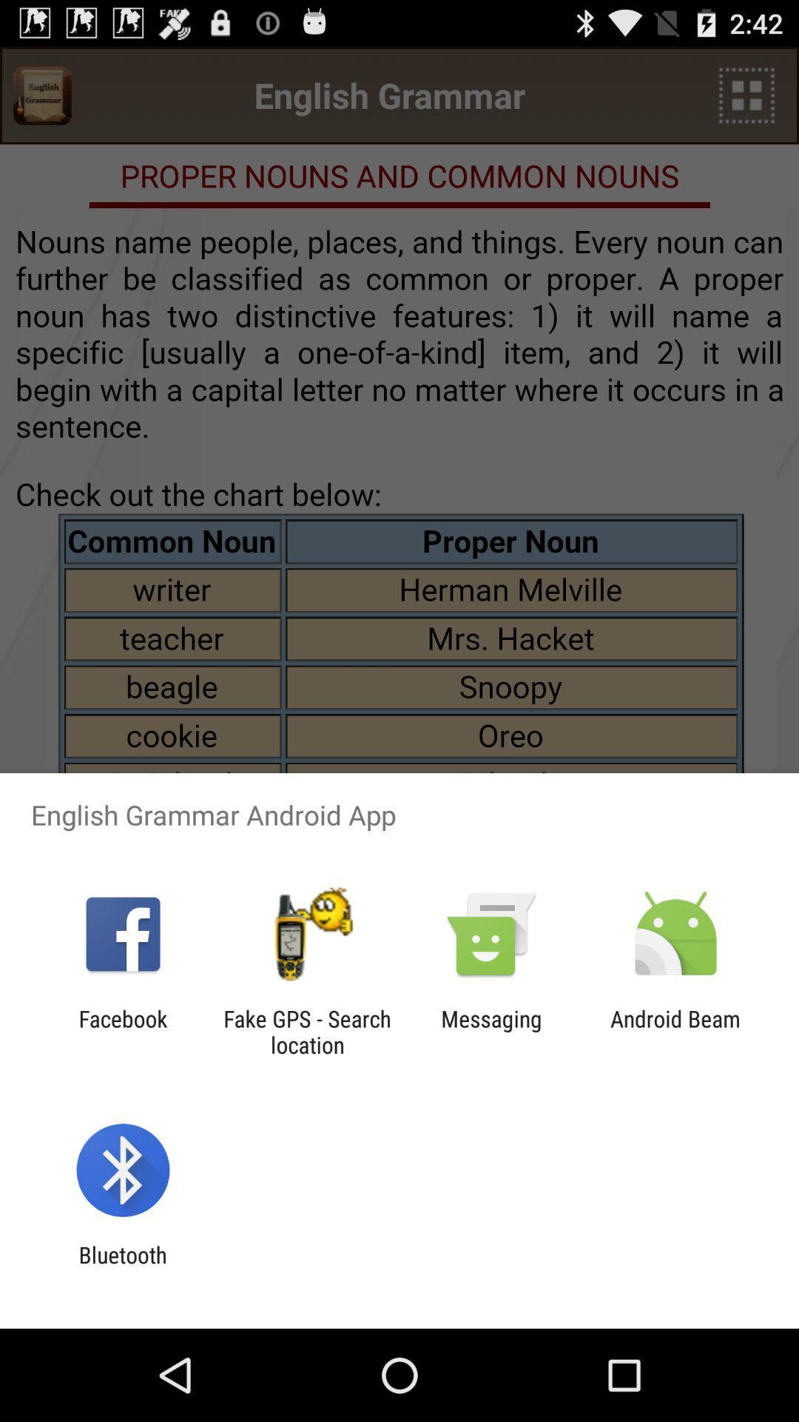 The image size is (799, 1422). I want to click on messaging, so click(491, 1031).